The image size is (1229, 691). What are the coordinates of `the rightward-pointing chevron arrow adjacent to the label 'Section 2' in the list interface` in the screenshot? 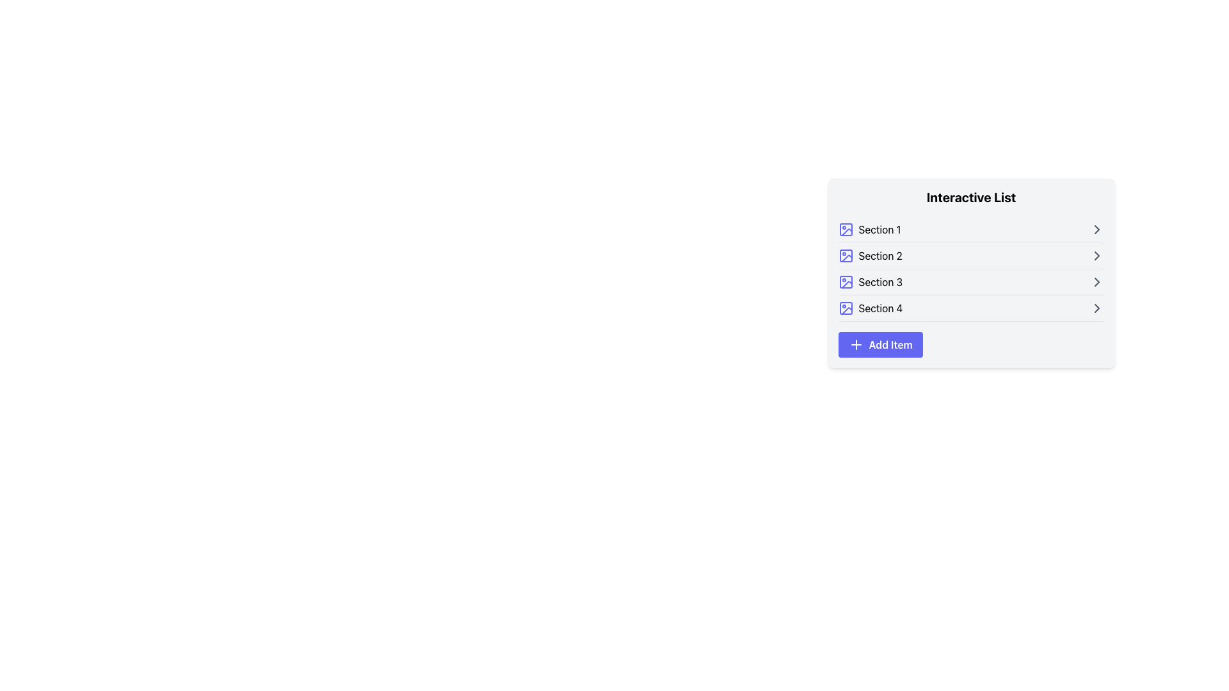 It's located at (1096, 256).